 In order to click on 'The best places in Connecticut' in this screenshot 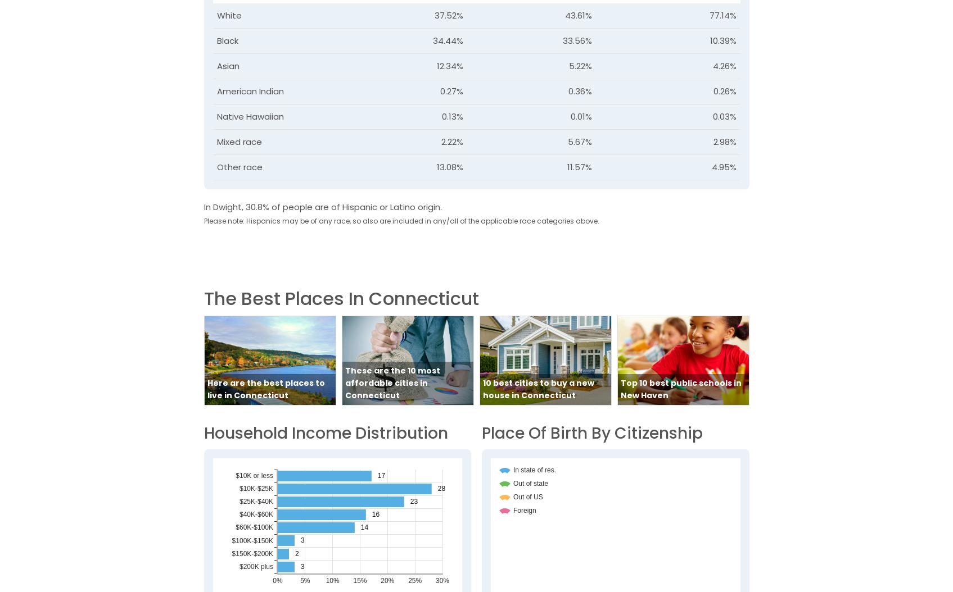, I will do `click(340, 298)`.